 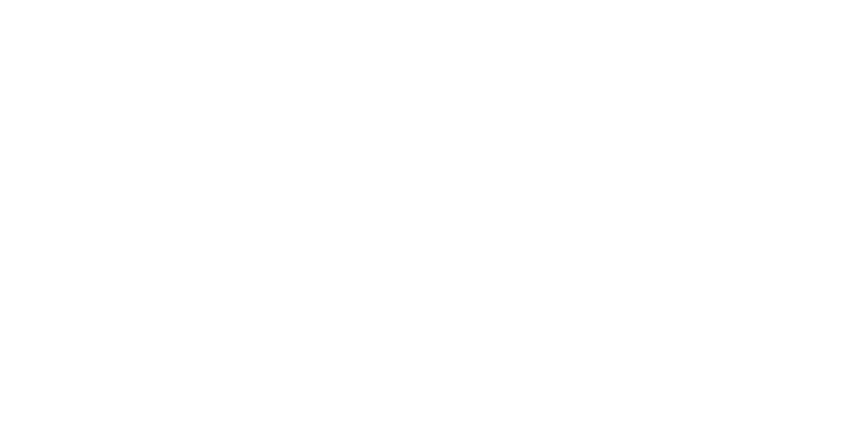 What do you see at coordinates (562, 317) in the screenshot?
I see `'August 2008'` at bounding box center [562, 317].